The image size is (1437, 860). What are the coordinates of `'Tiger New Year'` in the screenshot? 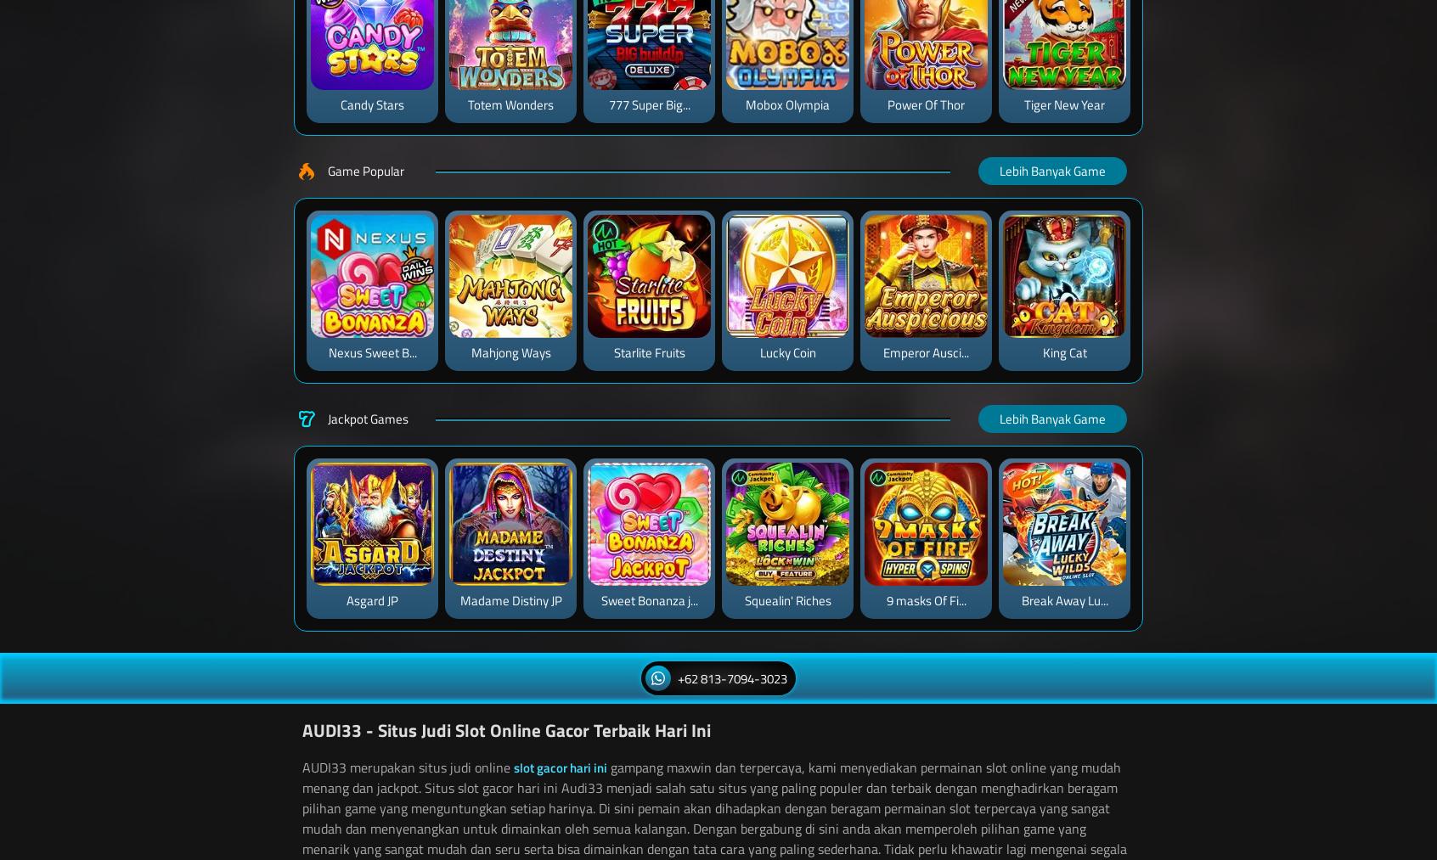 It's located at (1064, 104).